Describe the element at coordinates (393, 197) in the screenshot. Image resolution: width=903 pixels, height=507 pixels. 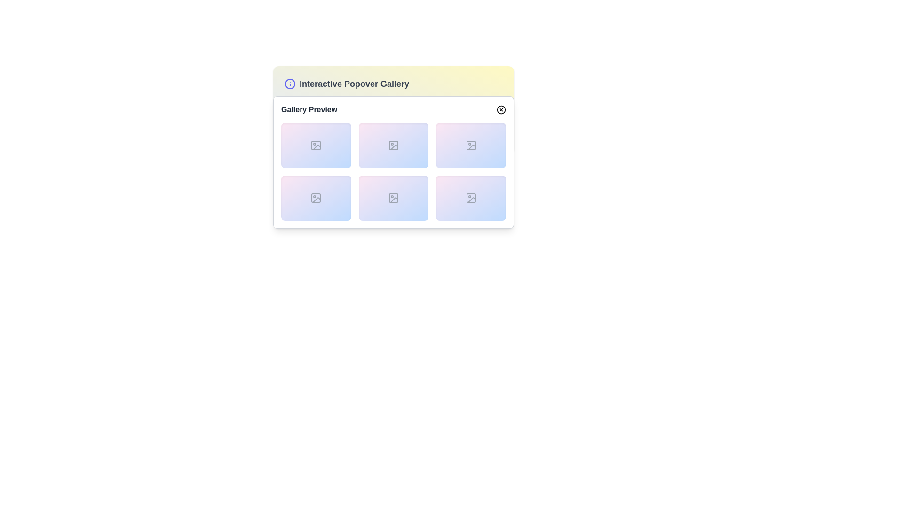
I see `the image placeholder located in the second row and middle column of the 3x2 grid layout within the 'Interactive Popover Gallery' modal to interact with it` at that location.